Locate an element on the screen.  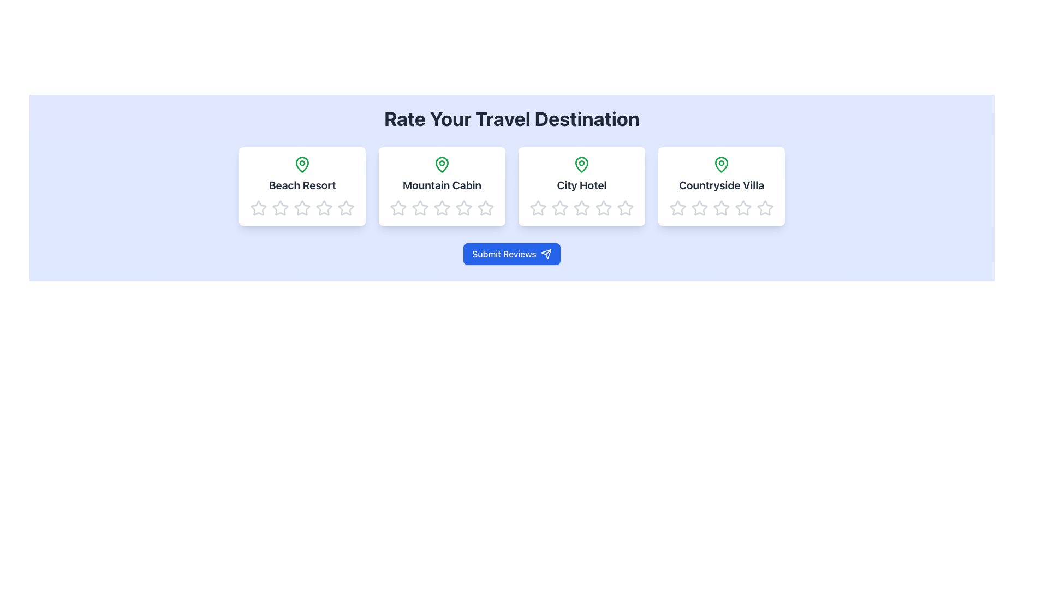
the fourth star icon in the rating system for the 'Beach Resort' is located at coordinates (302, 208).